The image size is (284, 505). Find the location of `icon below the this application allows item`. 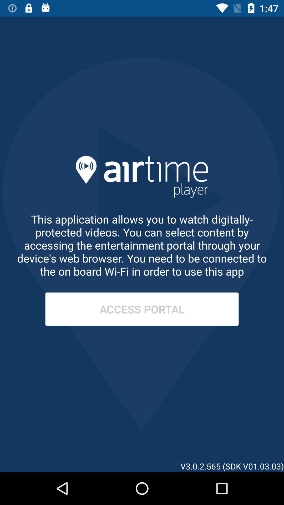

icon below the this application allows item is located at coordinates (142, 309).